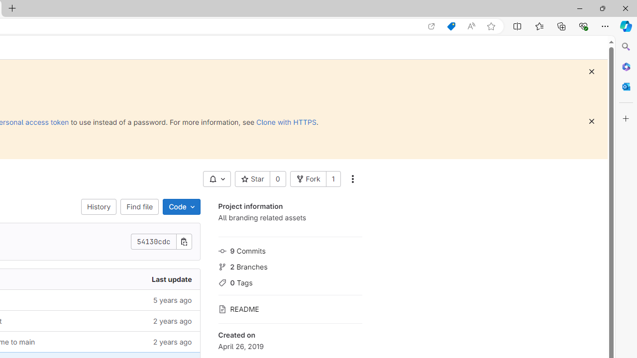 This screenshot has height=358, width=637. Describe the element at coordinates (139, 206) in the screenshot. I see `'Find file'` at that location.